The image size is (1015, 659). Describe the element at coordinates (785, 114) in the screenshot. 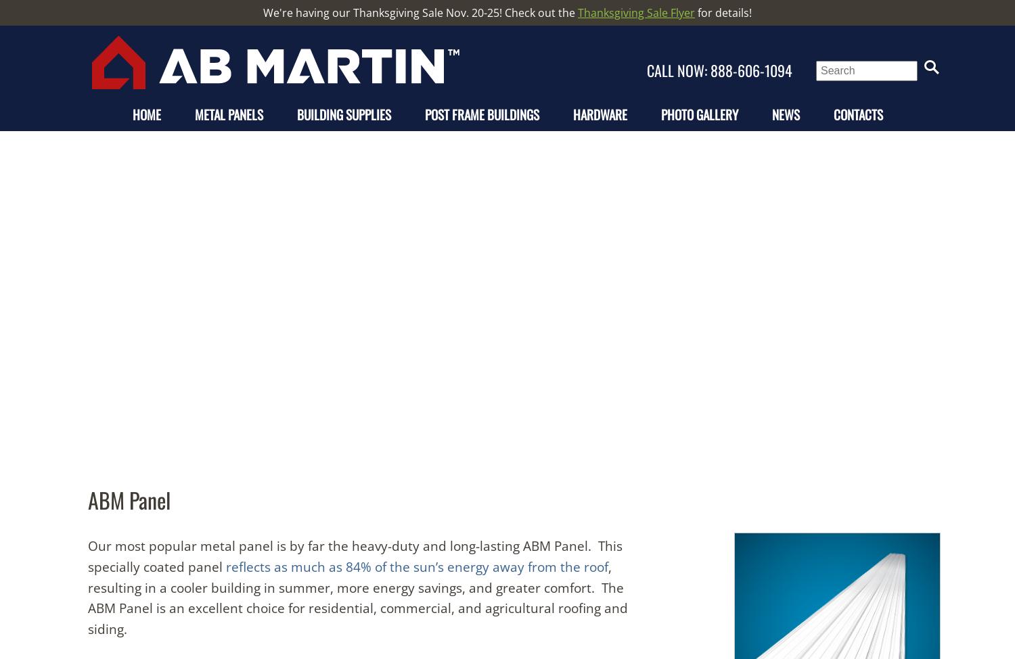

I see `'News'` at that location.